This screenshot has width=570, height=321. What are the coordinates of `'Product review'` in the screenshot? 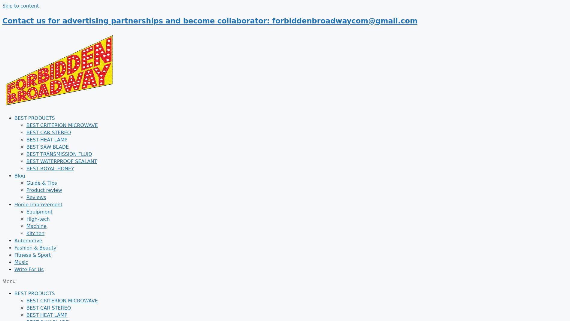 It's located at (44, 190).